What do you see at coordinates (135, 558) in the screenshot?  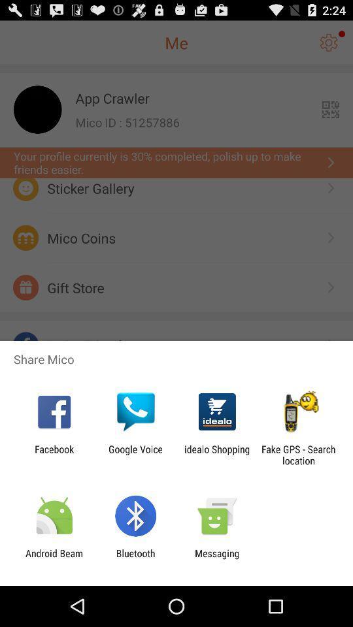 I see `bluetooth` at bounding box center [135, 558].